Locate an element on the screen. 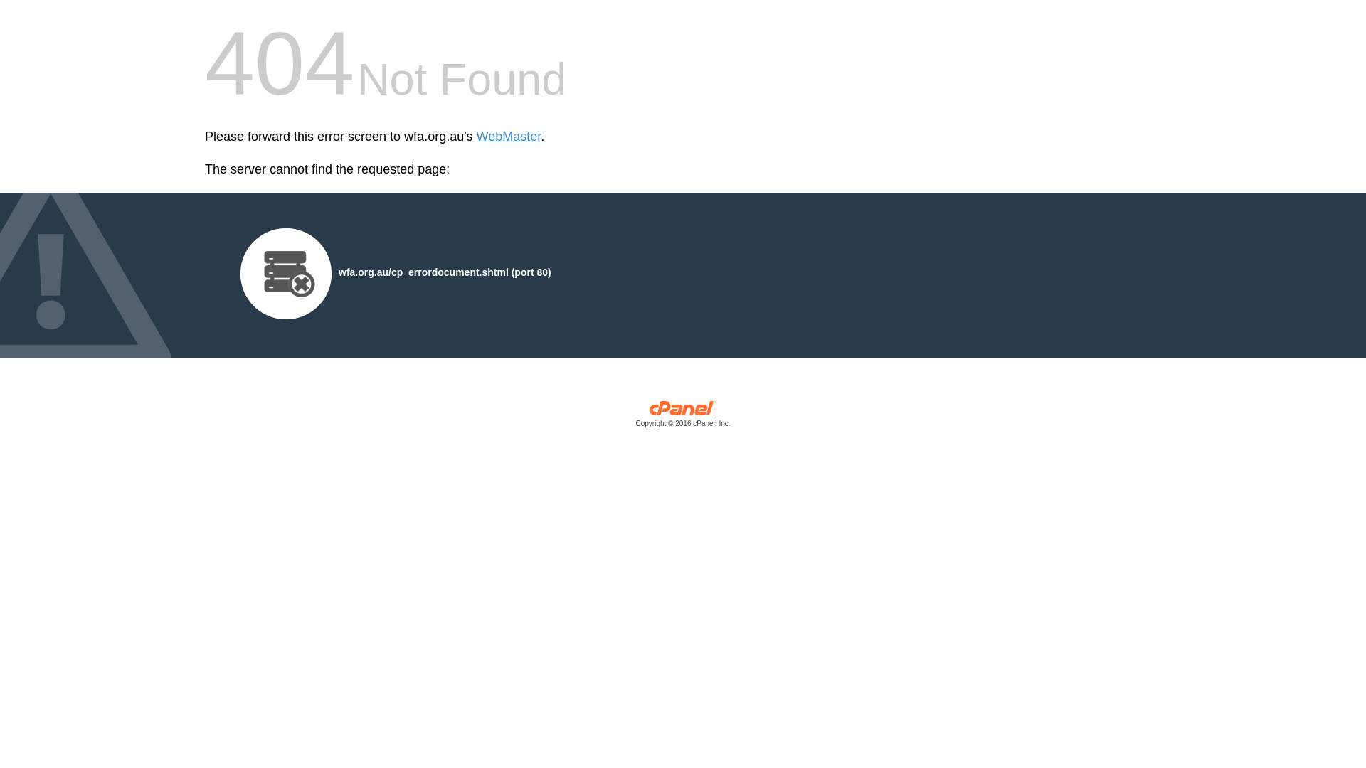 The height and width of the screenshot is (768, 1366). 'WebMaster' is located at coordinates (477, 137).